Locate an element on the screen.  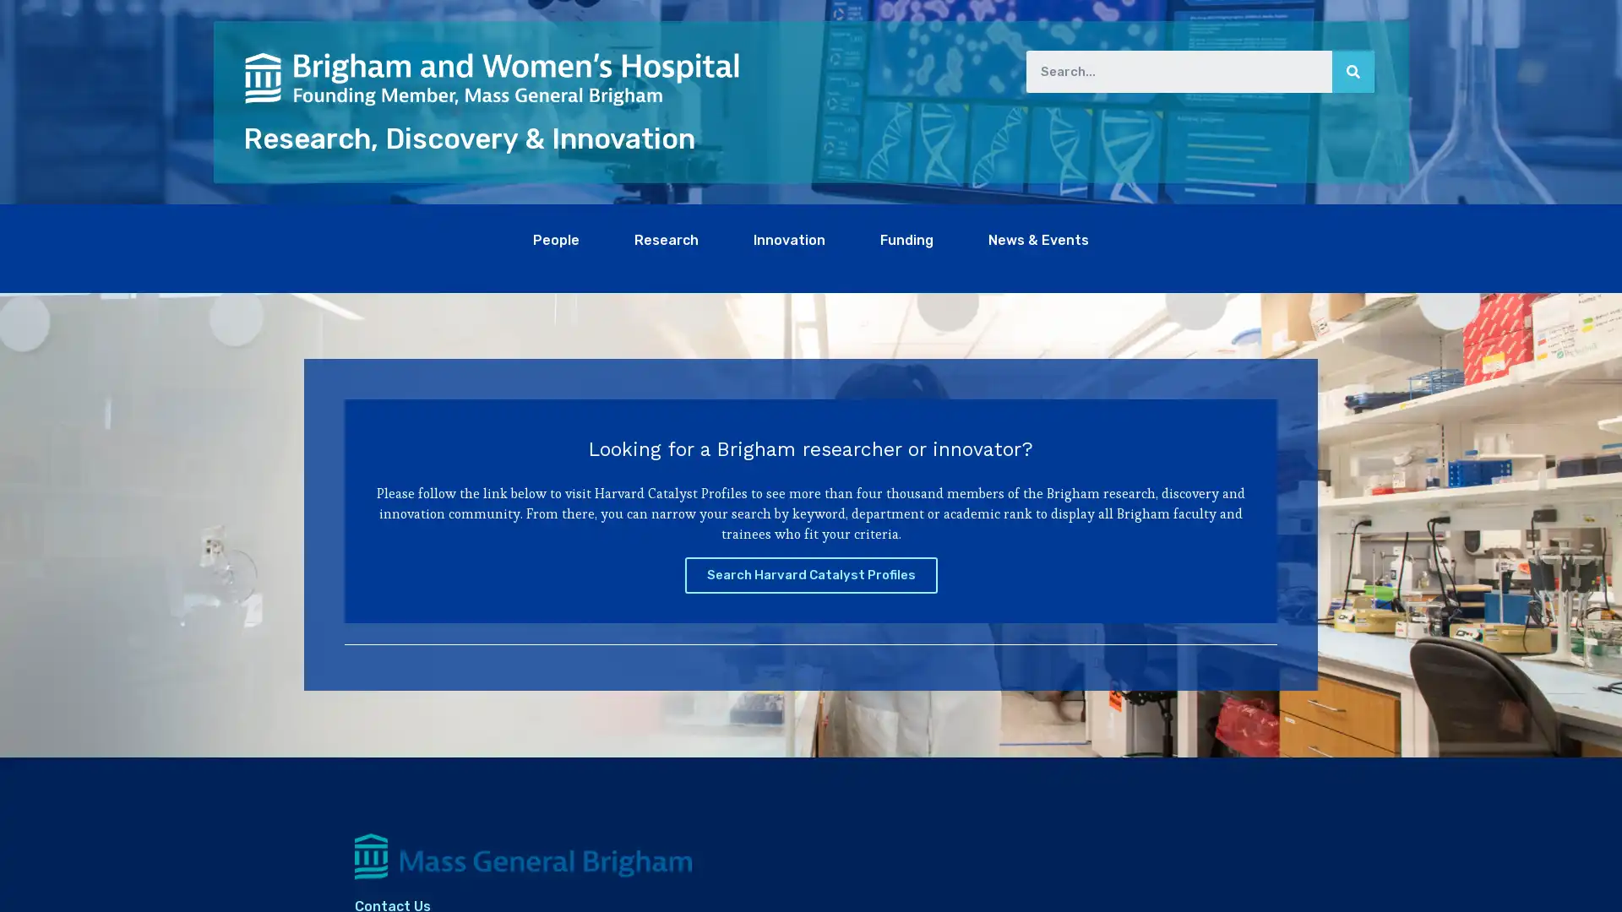
Search is located at coordinates (1353, 70).